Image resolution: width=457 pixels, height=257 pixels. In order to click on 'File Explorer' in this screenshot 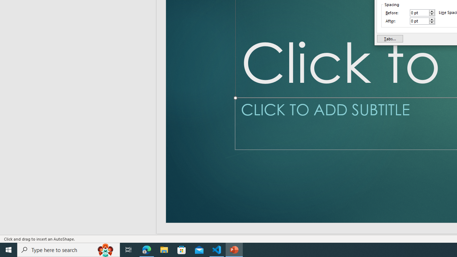, I will do `click(164, 249)`.